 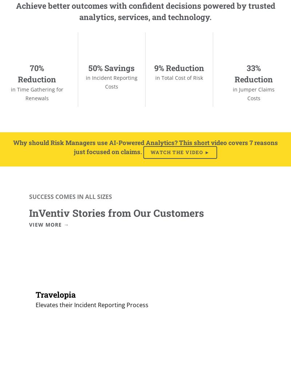 I want to click on '50% Savings', so click(x=111, y=67).